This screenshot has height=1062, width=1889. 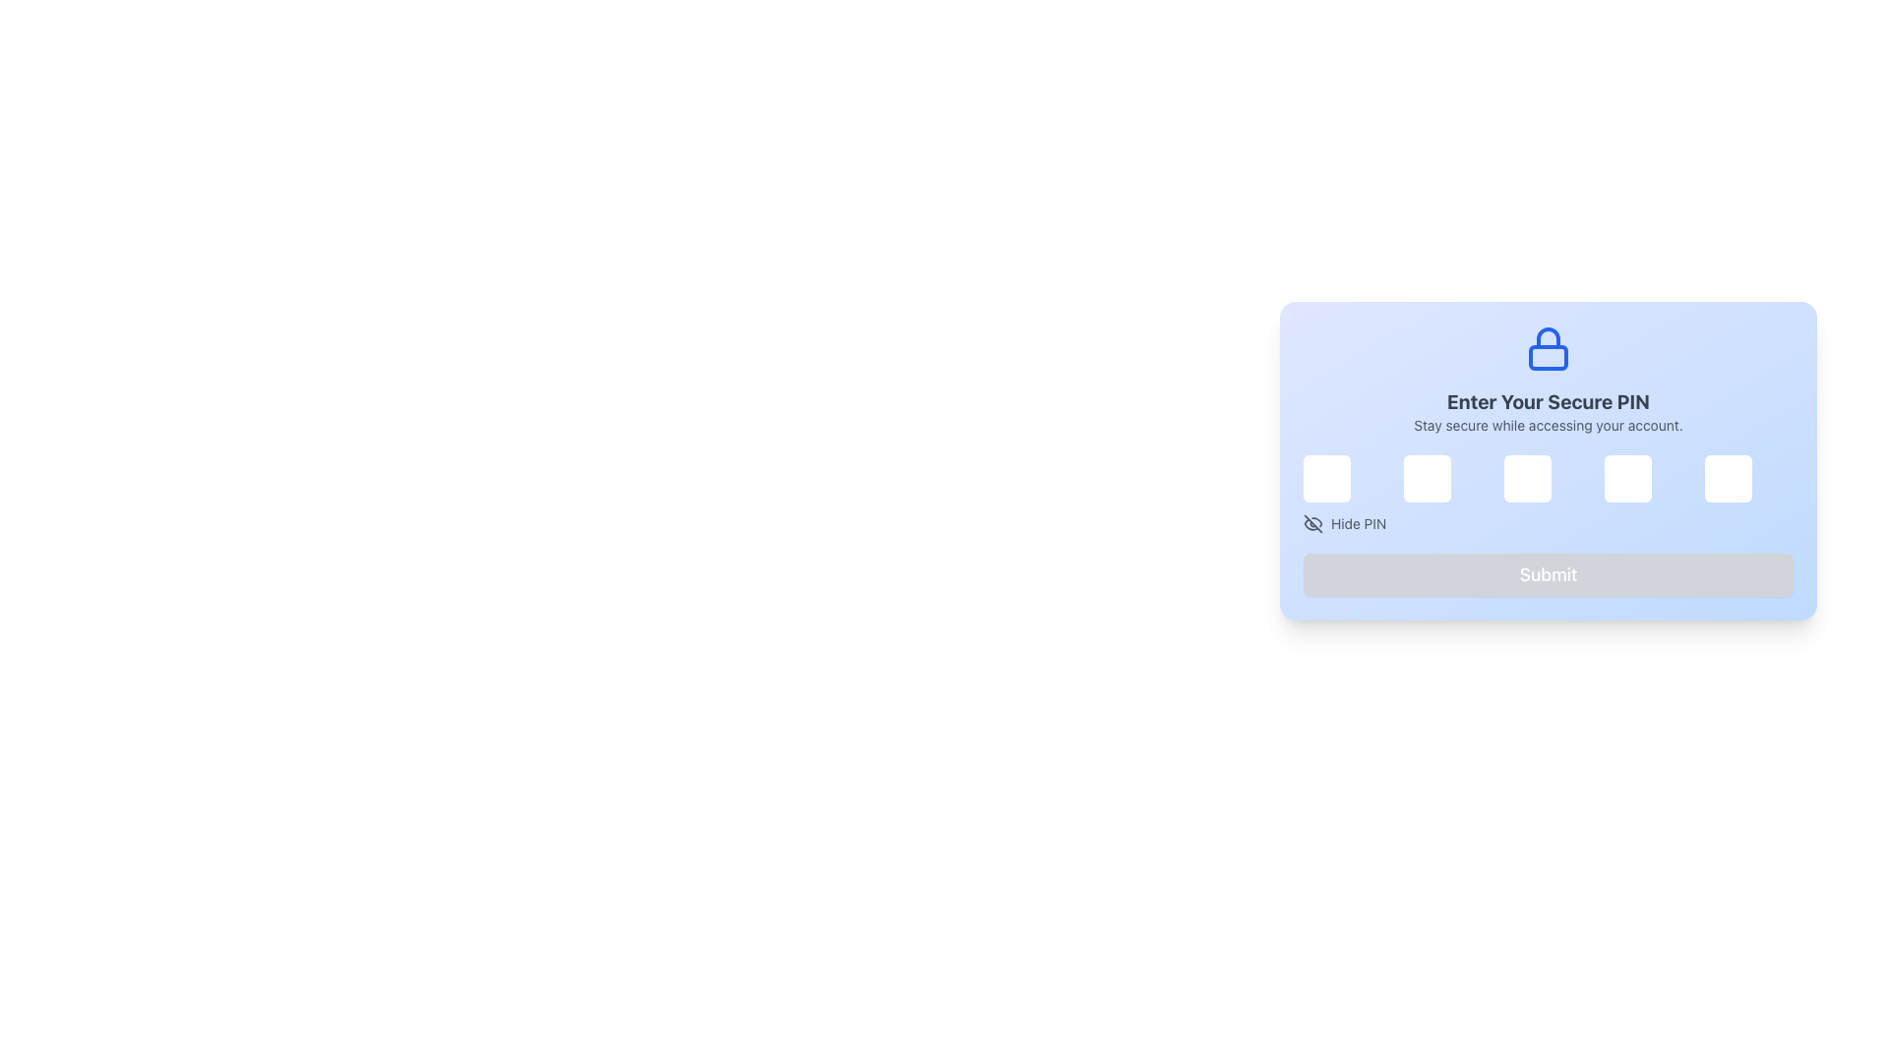 I want to click on the second text label that provides guidance on security, situated below the title 'Enter Your Secure PIN' and above the PIN input fields, so click(x=1548, y=424).